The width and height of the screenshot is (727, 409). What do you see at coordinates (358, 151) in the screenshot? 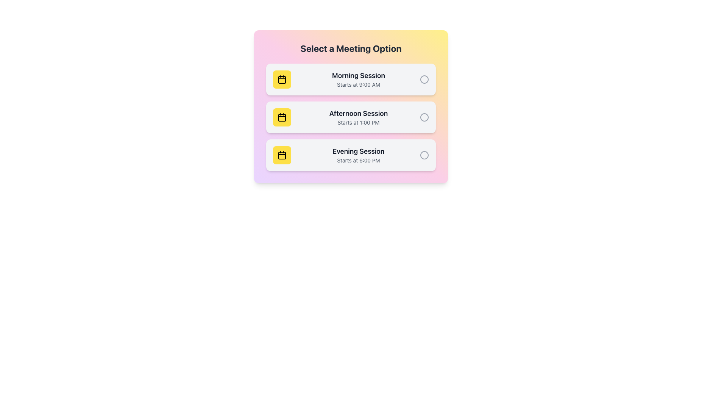
I see `the text label that reads 'Evening Session', which is positioned in the third session selection card and is styled in bold, large font with dark gray or black color` at bounding box center [358, 151].